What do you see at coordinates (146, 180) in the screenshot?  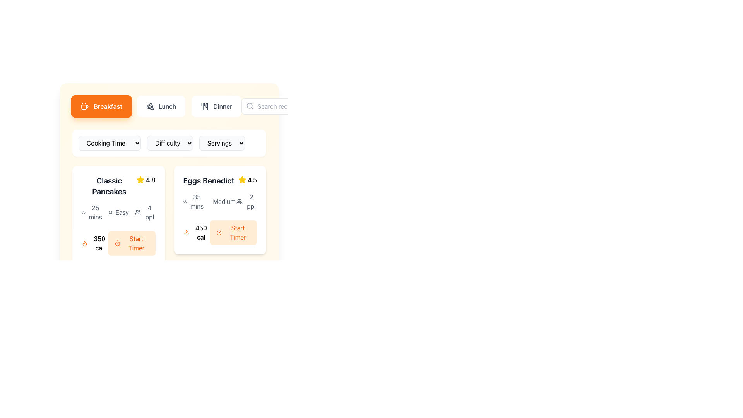 I see `the rating indicator element displaying a yellow star icon and the text '4.8' located in the 'Classic Pancakes' card, positioned at the top-right corner aligned with the title` at bounding box center [146, 180].